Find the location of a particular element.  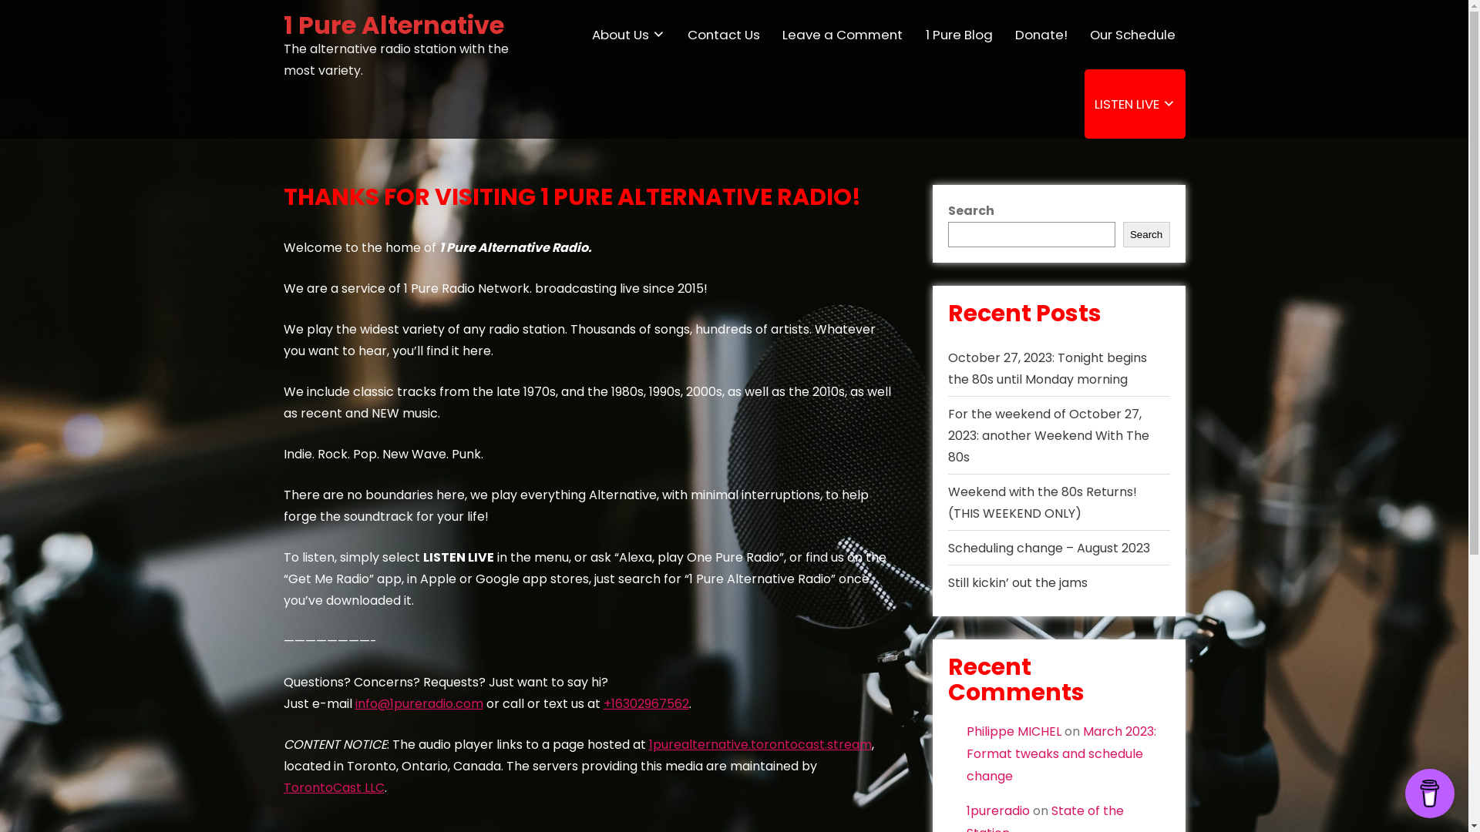

'1 Pure Alternative' is located at coordinates (284, 25).